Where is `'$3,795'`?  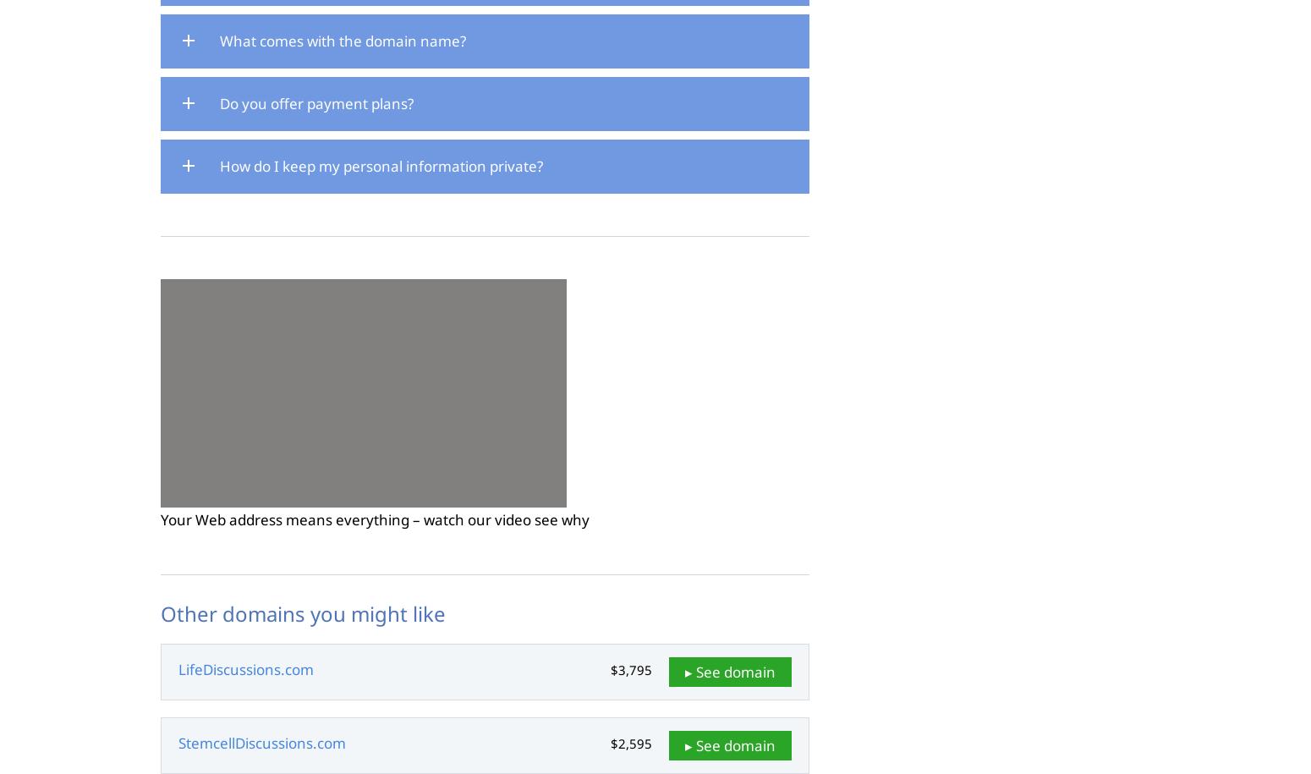 '$3,795' is located at coordinates (631, 669).